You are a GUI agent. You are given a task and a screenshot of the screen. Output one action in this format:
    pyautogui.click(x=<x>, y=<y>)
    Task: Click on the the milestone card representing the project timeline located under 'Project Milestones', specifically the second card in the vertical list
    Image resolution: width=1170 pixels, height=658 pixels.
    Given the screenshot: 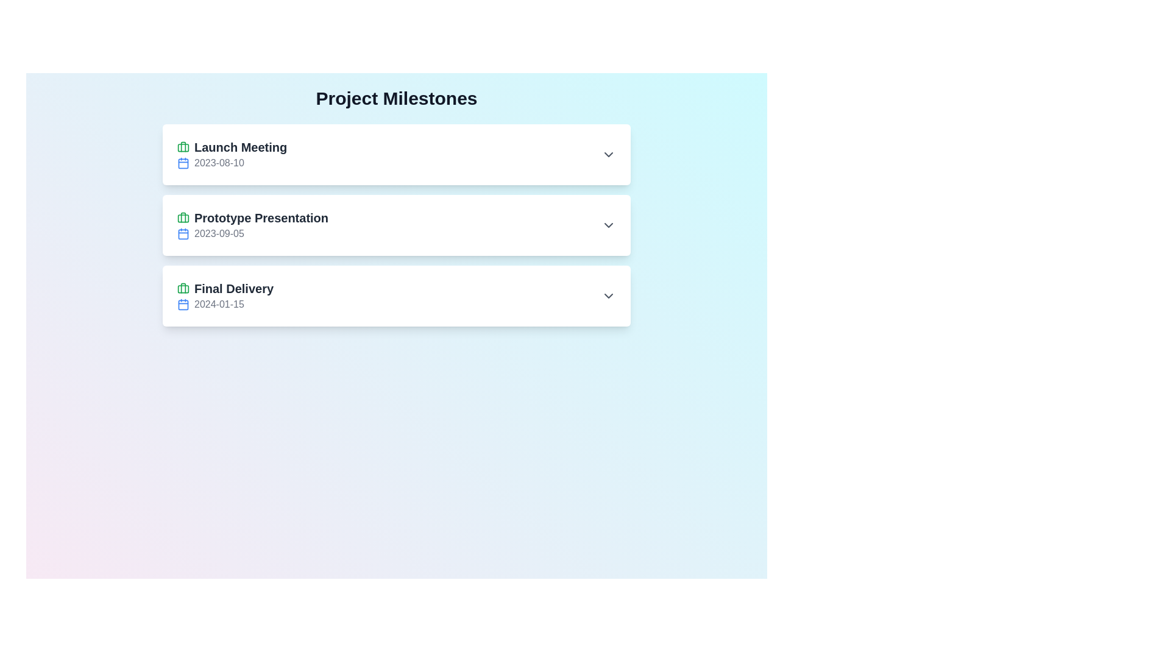 What is the action you would take?
    pyautogui.click(x=397, y=225)
    